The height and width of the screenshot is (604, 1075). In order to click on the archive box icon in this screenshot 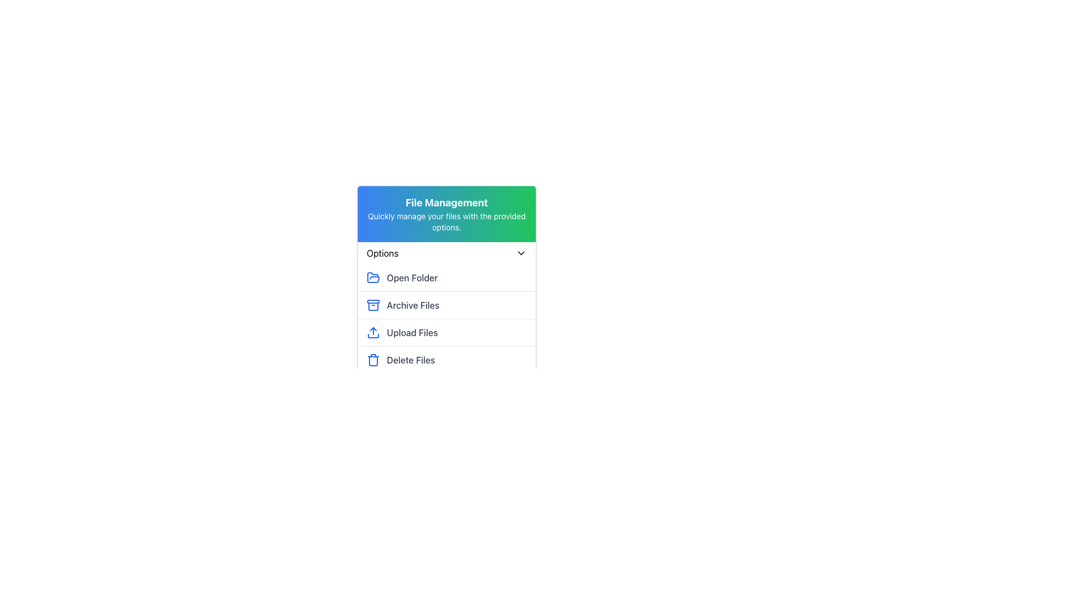, I will do `click(373, 305)`.